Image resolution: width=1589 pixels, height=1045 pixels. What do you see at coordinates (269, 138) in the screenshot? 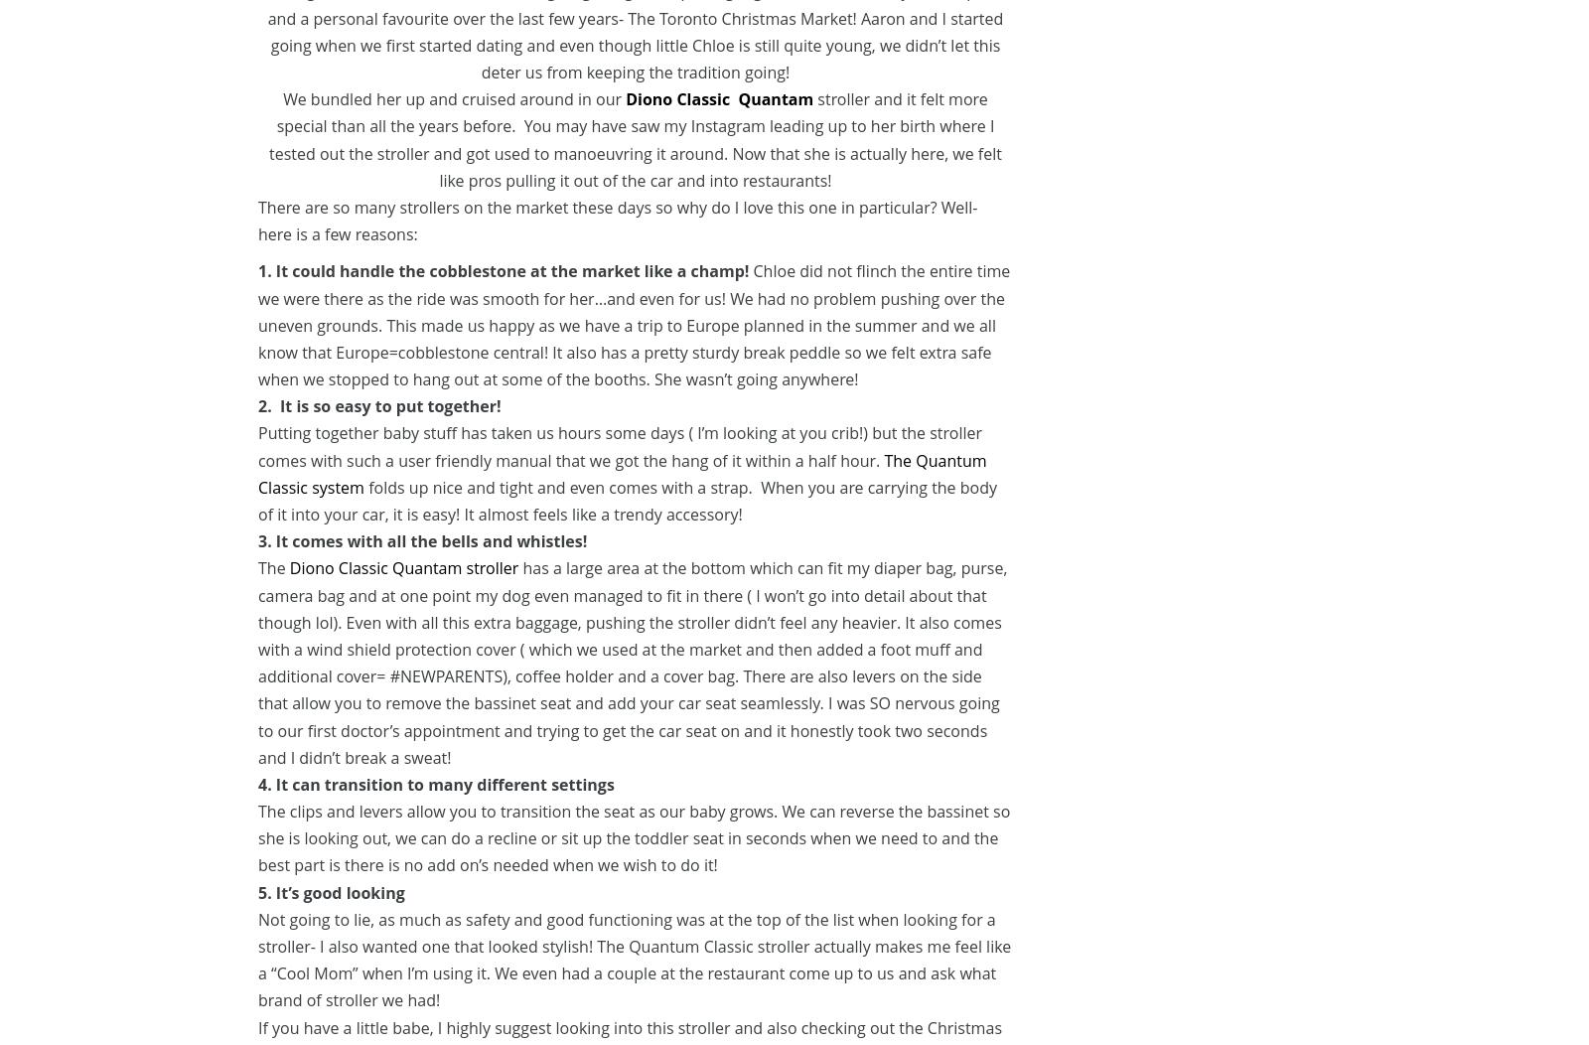
I see `'stroller and it felt more special than all the years before.  You may have saw my Instagram leading up to her birth where I tested out the stroller and got used to manoeuvring it around. Now that she is actually here, we felt like pros pulling it out of the car and into restaurants!'` at bounding box center [269, 138].